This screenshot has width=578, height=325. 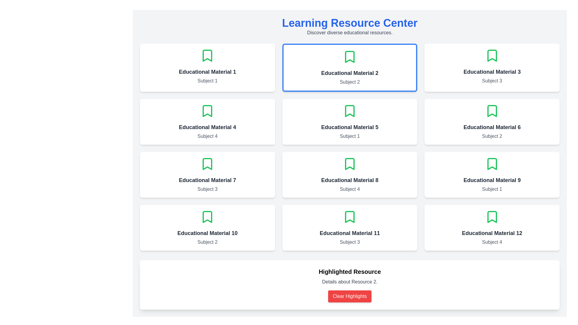 I want to click on the styled text label element displaying 'Educational Material 12', which is centered in the bottom-right card of a grid layout, positioned above 'Subject 4', so click(x=492, y=233).